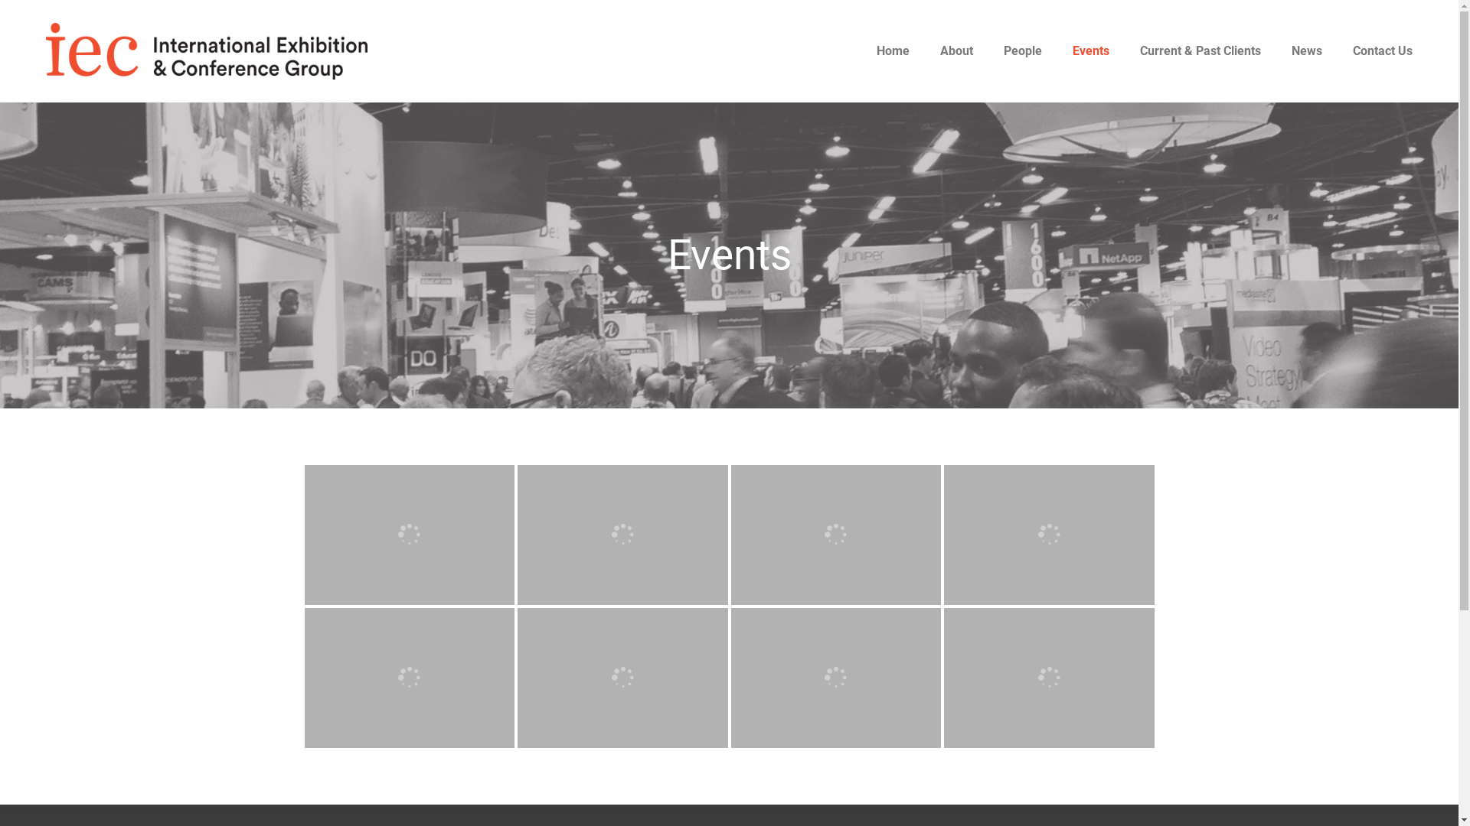 The image size is (1470, 826). What do you see at coordinates (1306, 50) in the screenshot?
I see `'News'` at bounding box center [1306, 50].